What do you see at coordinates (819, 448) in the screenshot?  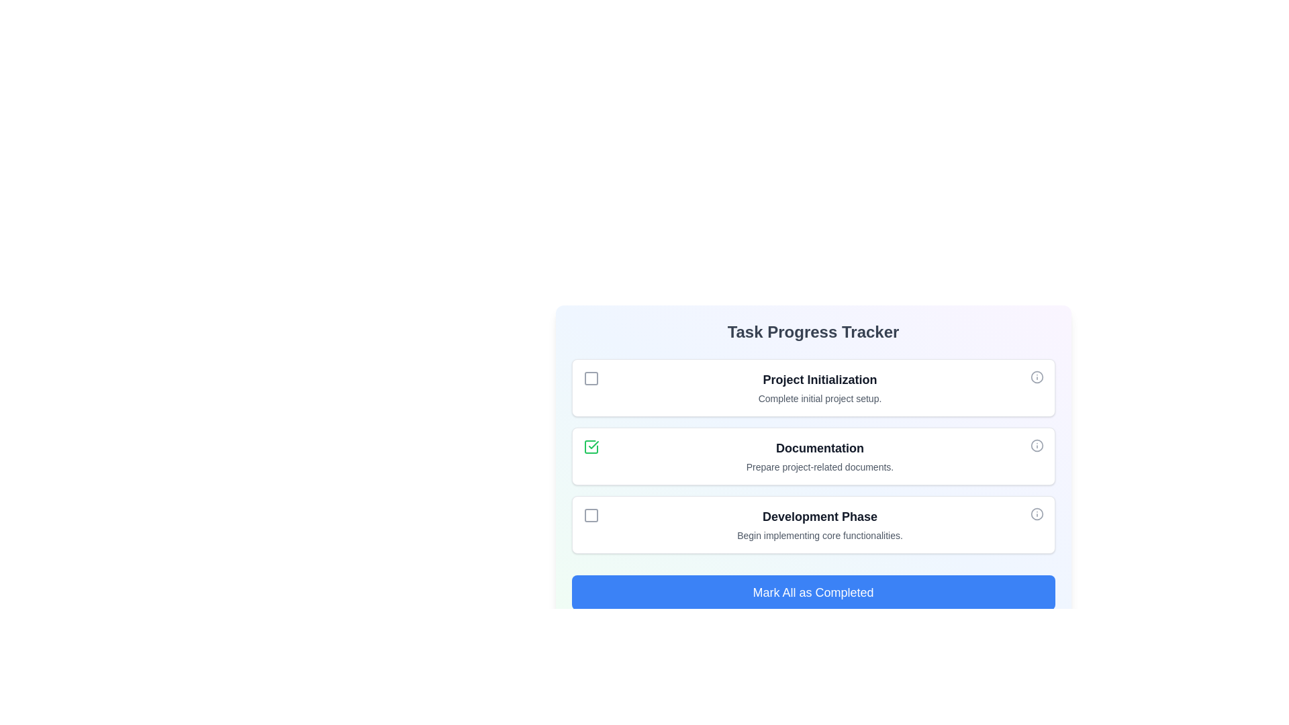 I see `the Text Label that serves as the title for the 'Documentation' section, located centrally above the description text 'Prepare project-related documents.'` at bounding box center [819, 448].